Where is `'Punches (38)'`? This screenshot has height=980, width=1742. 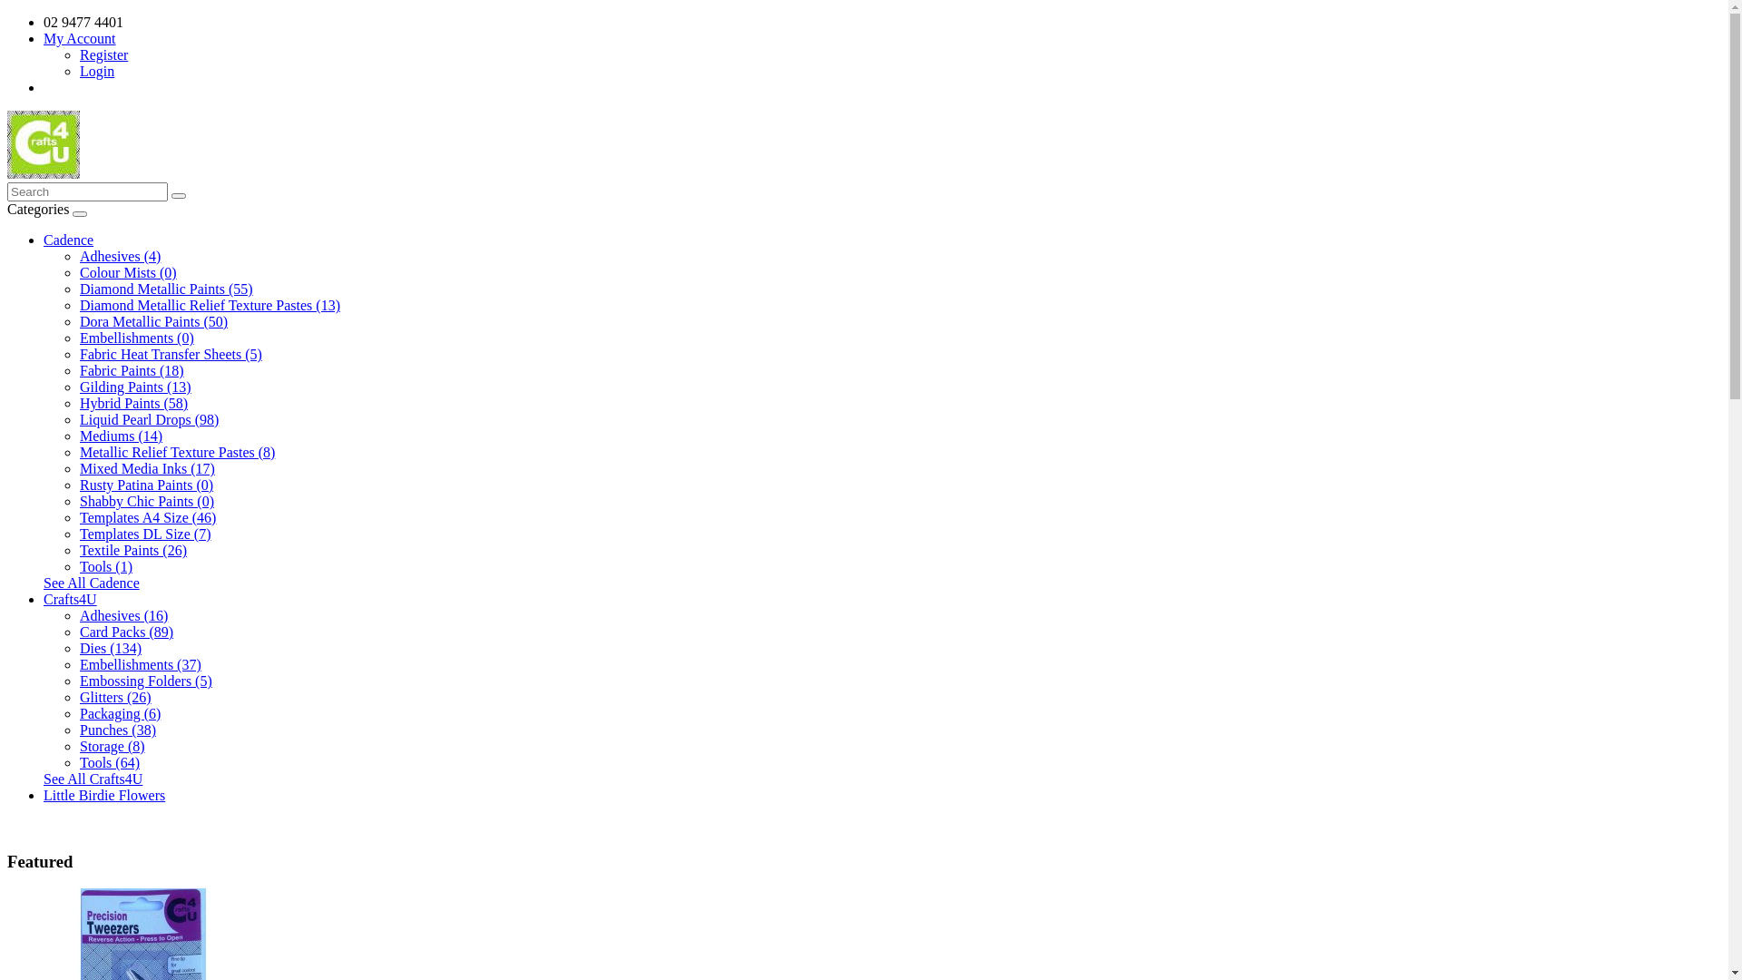
'Punches (38)' is located at coordinates (116, 729).